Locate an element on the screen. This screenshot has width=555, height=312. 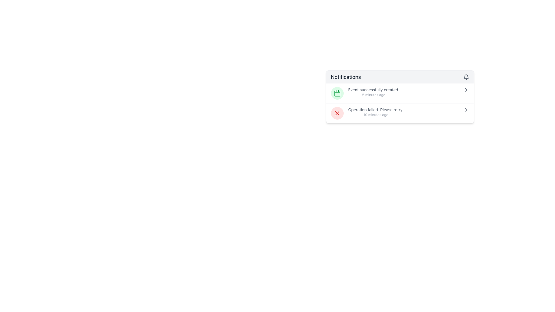
the error status indicator icon located on the left side of the second notification item, adjacent to the text 'Operation failed. Please retry!' and '10 minutes ago' is located at coordinates (337, 113).